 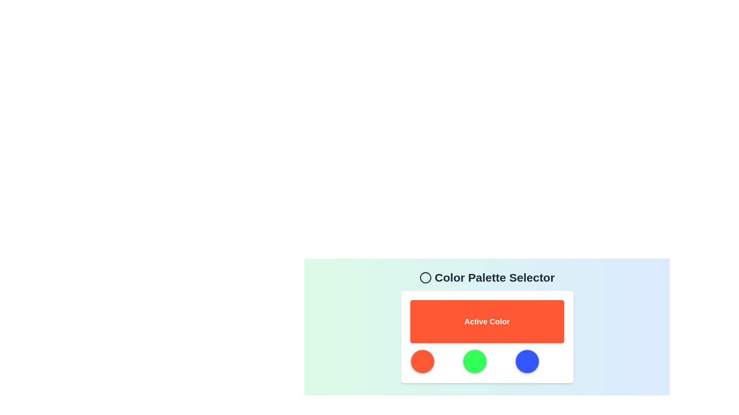 I want to click on the circular button with a bright red background located at the bottom-left among three horizontally aligned buttons, so click(x=422, y=362).